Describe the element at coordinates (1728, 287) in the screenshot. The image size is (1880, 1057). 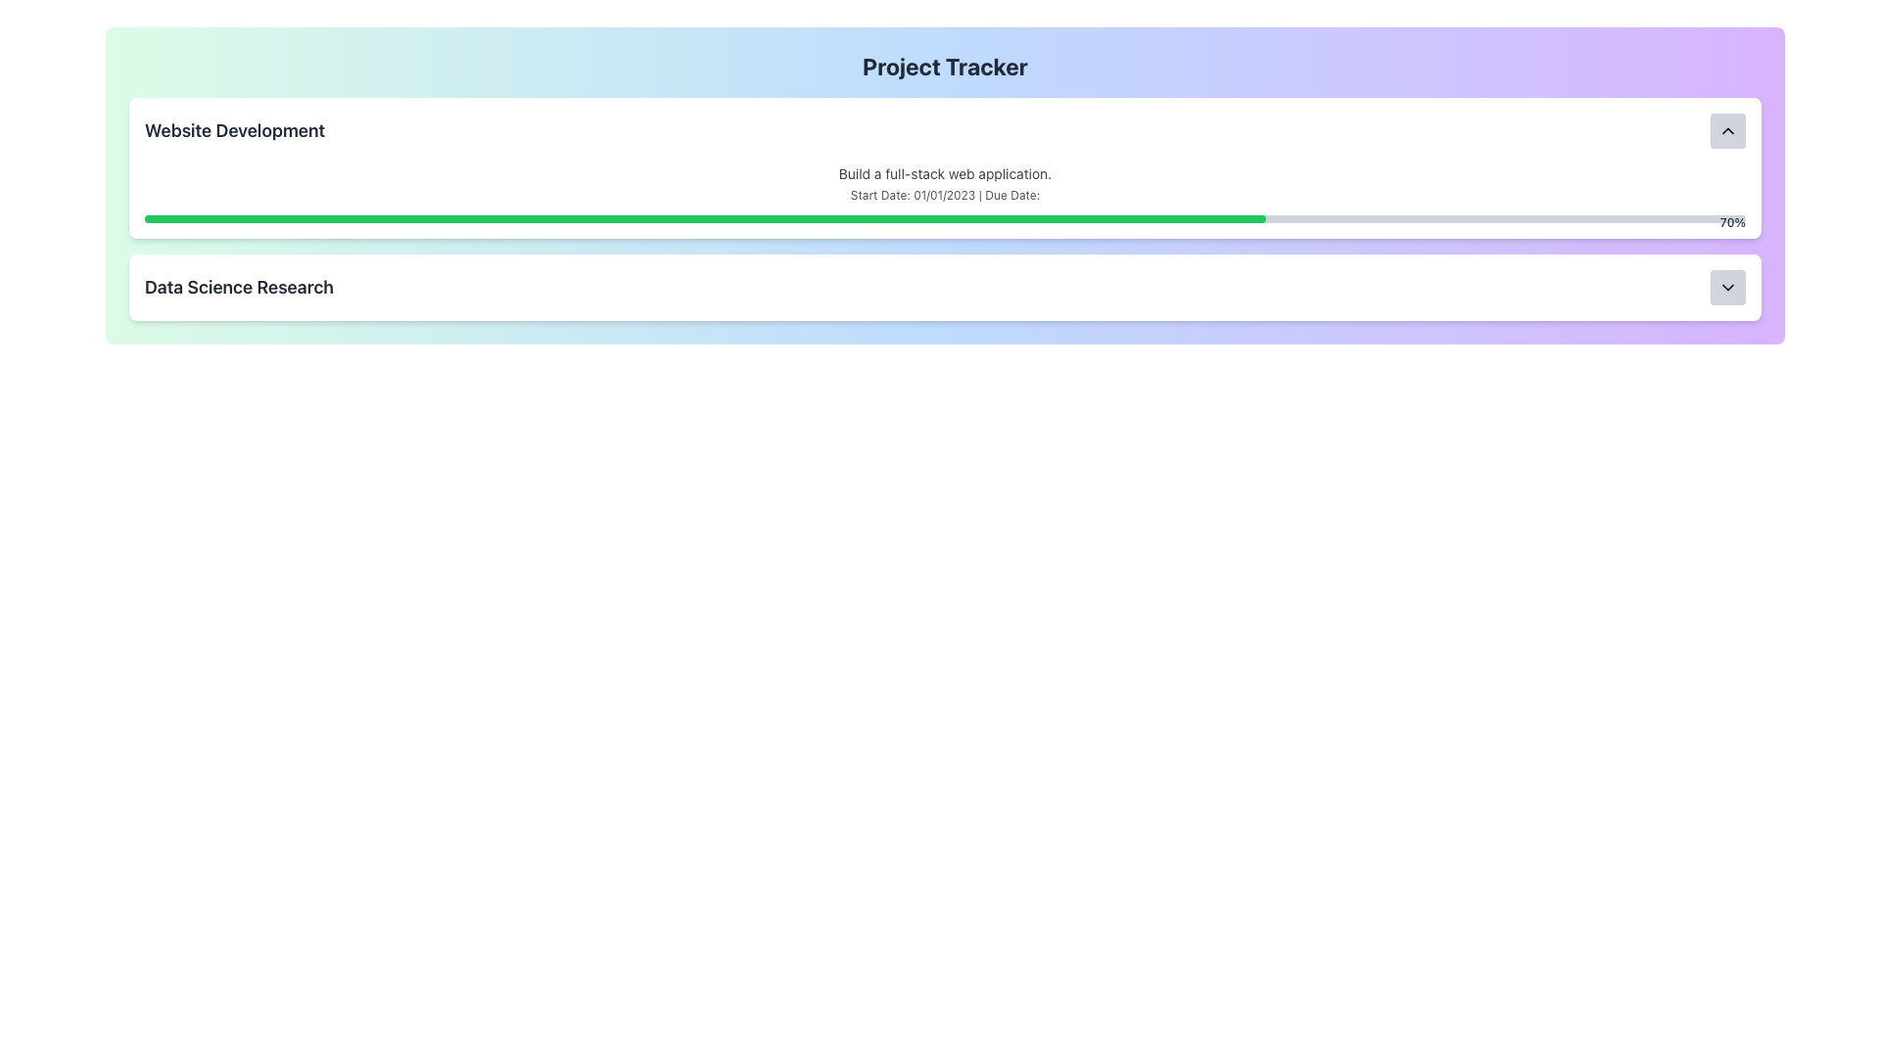
I see `the downward-pointing chevron icon in the lower right corner of the 'Data Science Research' project panel` at that location.